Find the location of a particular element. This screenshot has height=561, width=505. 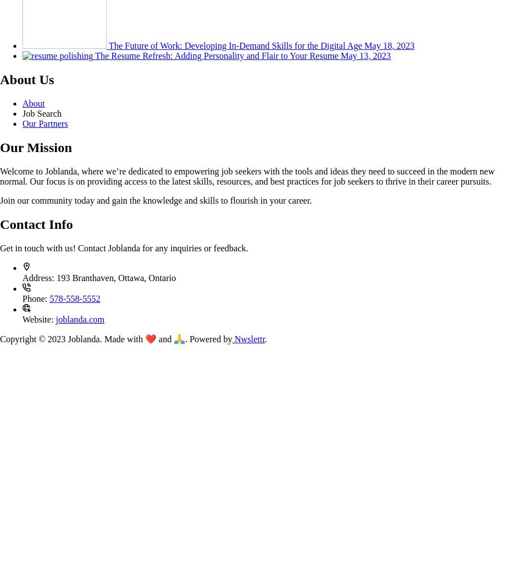

'Website:' is located at coordinates (21, 318).